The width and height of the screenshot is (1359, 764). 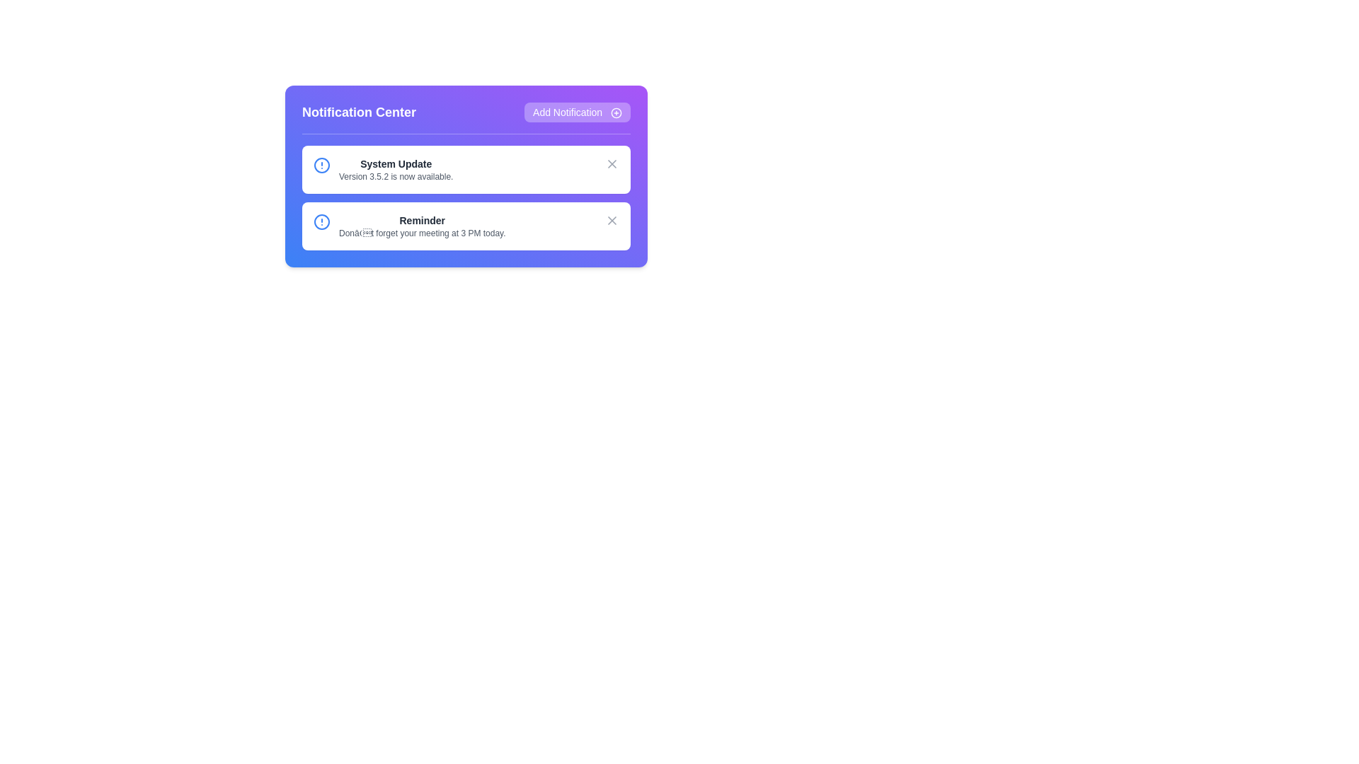 What do you see at coordinates (466, 198) in the screenshot?
I see `the Notification List in the Notification Center, which contains the notifications 'System Update' and 'Reminder' with blue circle icons and close symbols` at bounding box center [466, 198].